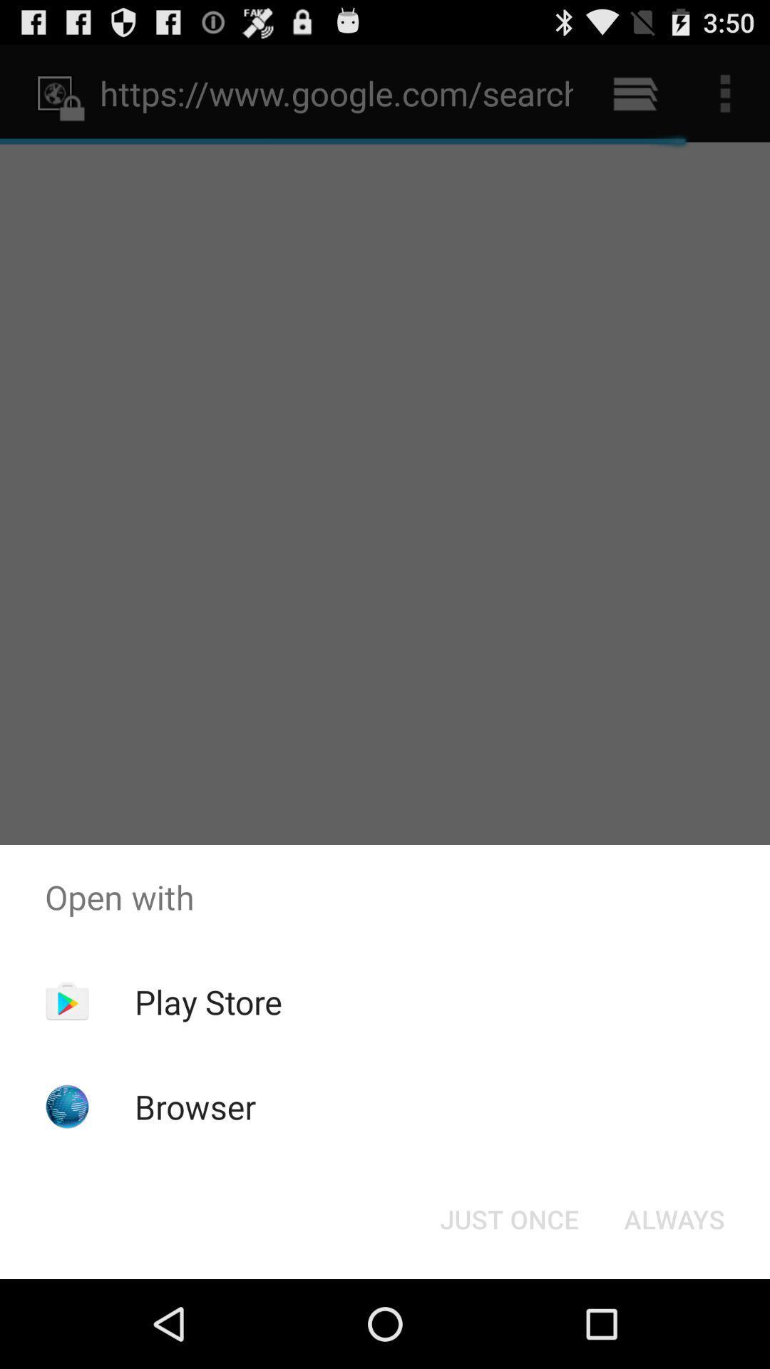 Image resolution: width=770 pixels, height=1369 pixels. I want to click on the button next to the just once item, so click(674, 1218).